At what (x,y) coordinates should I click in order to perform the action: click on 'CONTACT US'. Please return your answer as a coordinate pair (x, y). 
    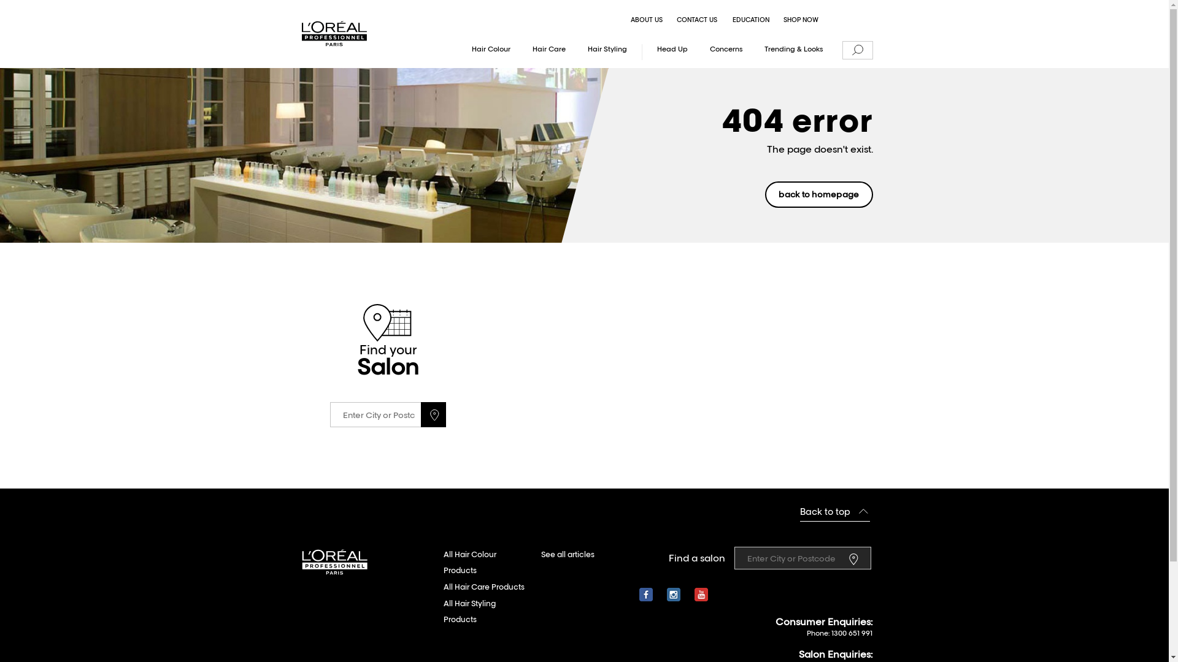
    Looking at the image, I should click on (697, 21).